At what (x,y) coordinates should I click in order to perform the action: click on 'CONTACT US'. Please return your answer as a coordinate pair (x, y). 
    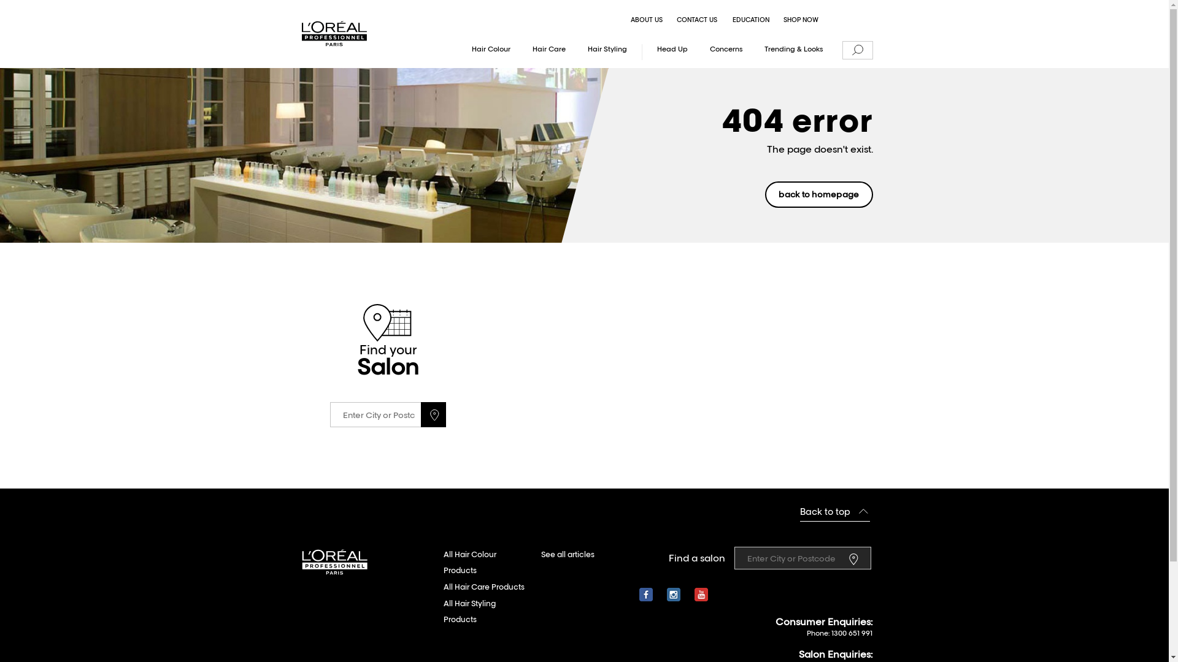
    Looking at the image, I should click on (697, 21).